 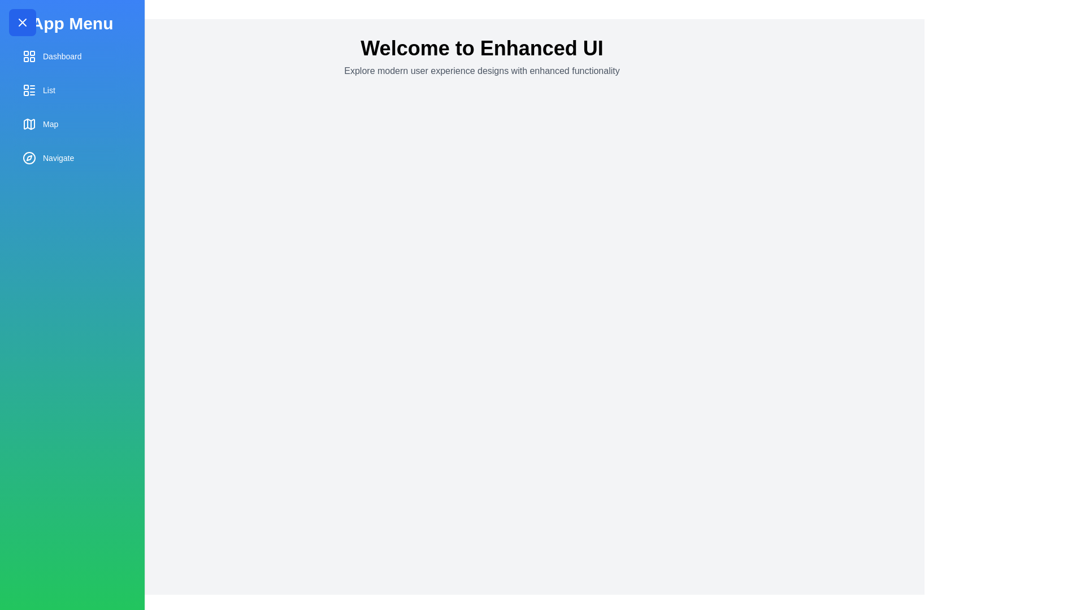 What do you see at coordinates (22, 22) in the screenshot?
I see `the toggle button at the top-left corner to toggle the visibility of the drawer menu` at bounding box center [22, 22].